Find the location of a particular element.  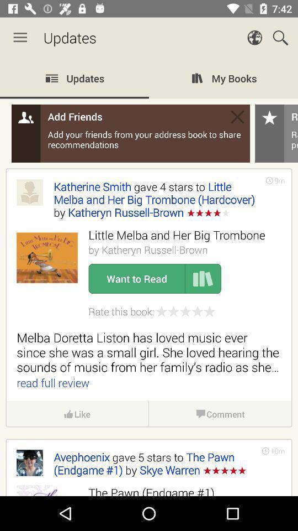

the avephoenix gave 5 icon is located at coordinates (152, 464).